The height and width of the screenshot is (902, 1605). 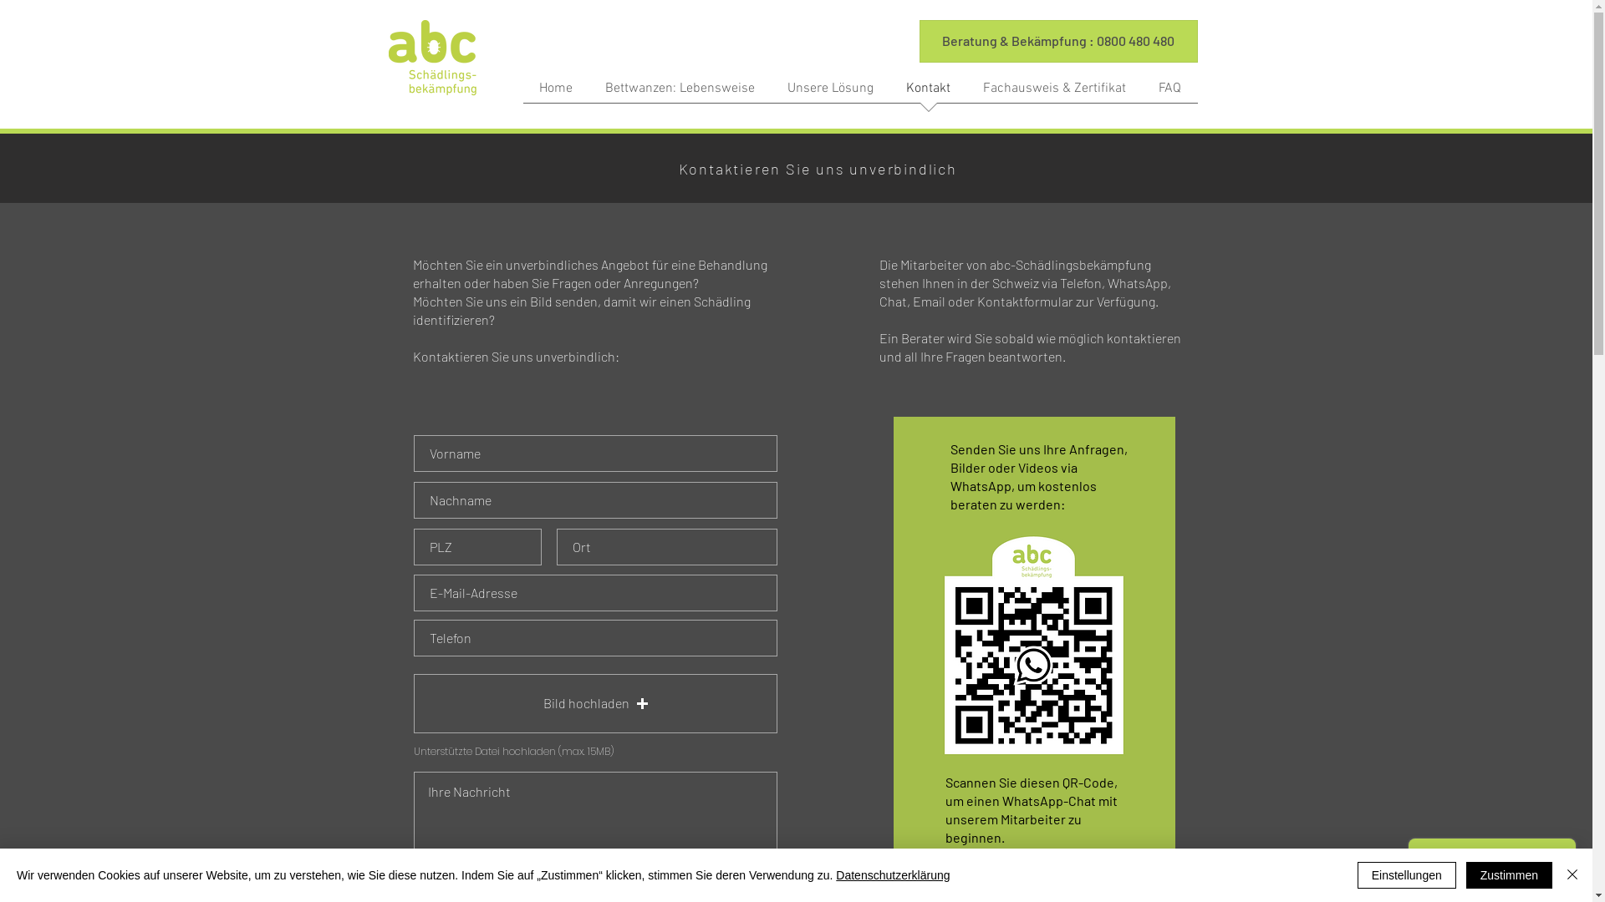 I want to click on 'Fachausweis & Zertifikat', so click(x=1053, y=94).